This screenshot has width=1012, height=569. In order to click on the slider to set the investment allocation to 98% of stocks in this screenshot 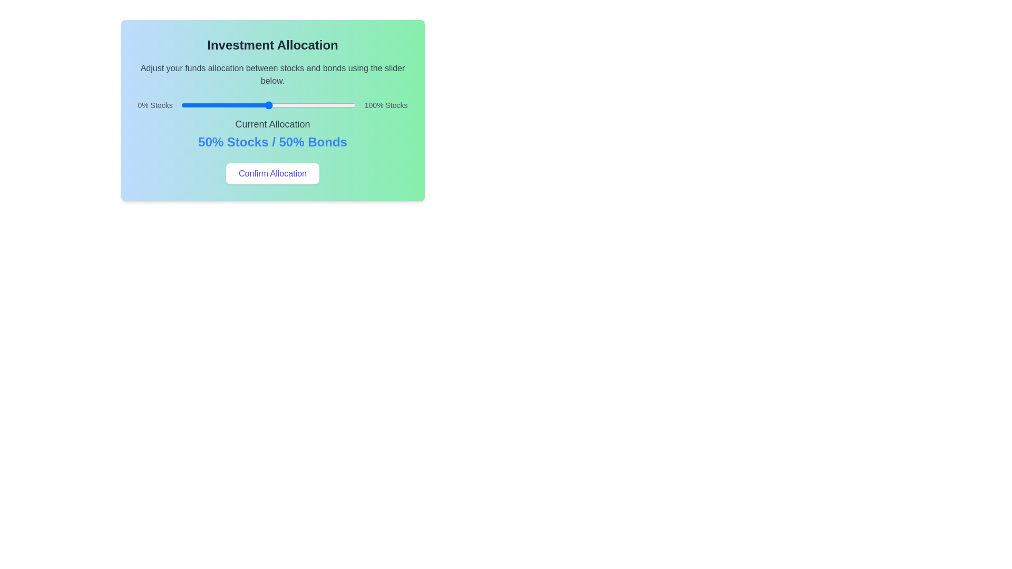, I will do `click(353, 105)`.